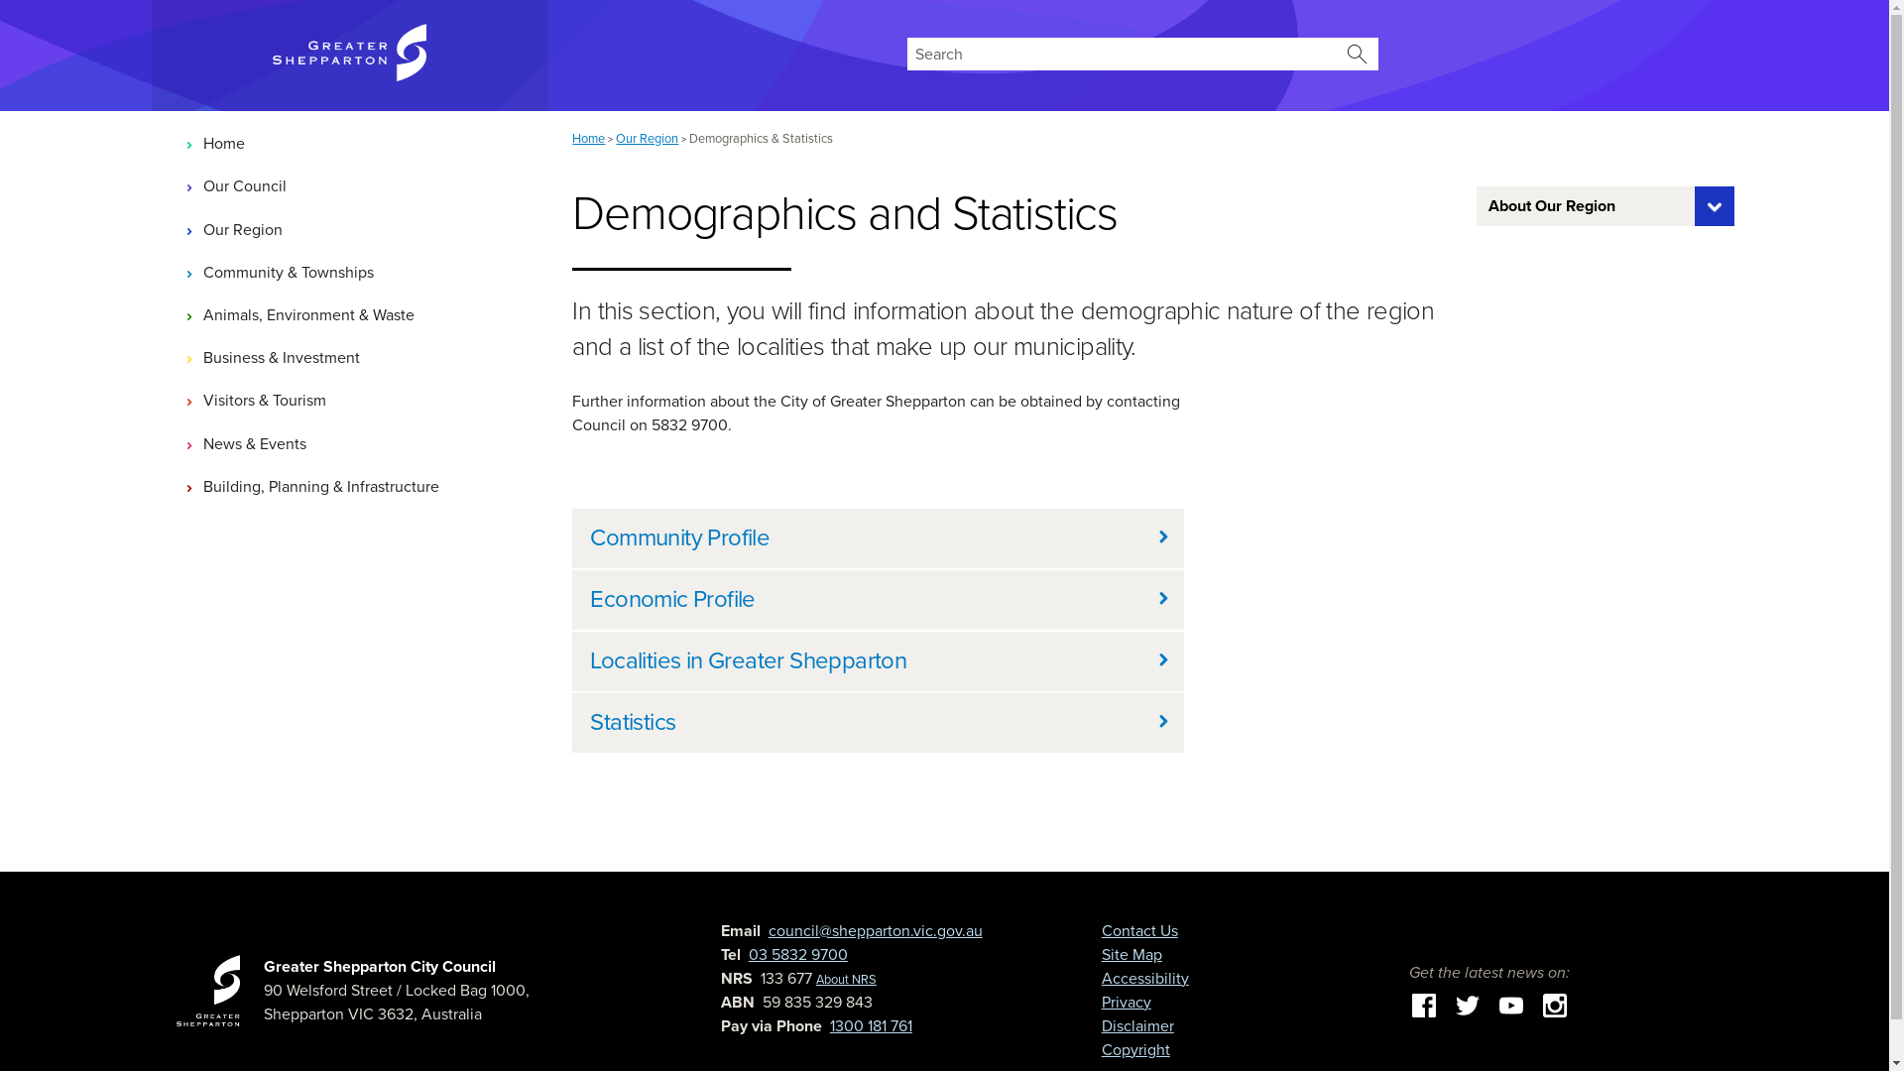 The height and width of the screenshot is (1071, 1904). I want to click on 'Search', so click(1356, 53).